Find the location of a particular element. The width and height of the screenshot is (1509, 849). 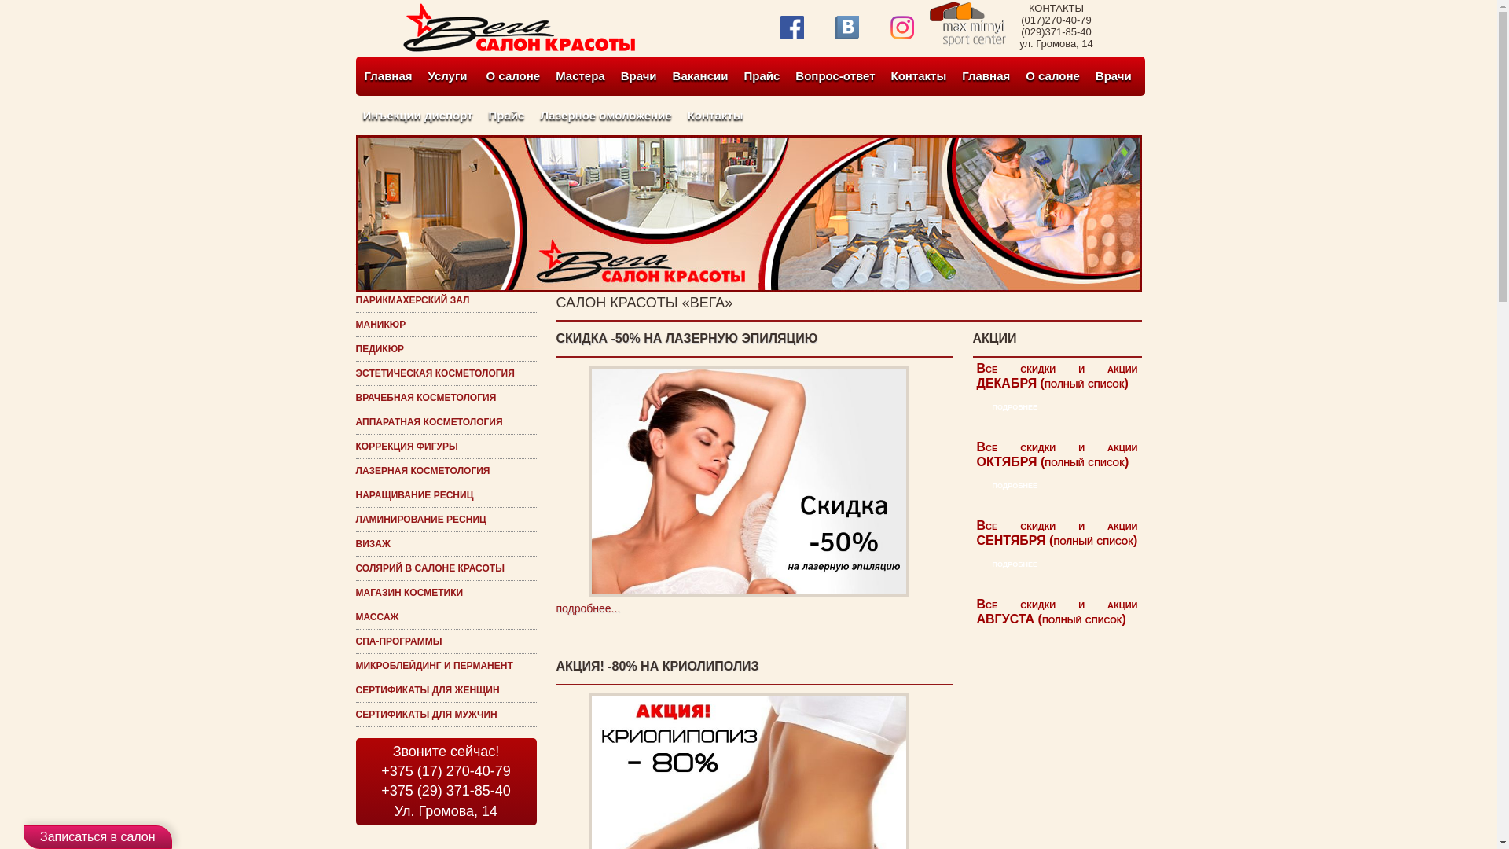

'vegasalon.by' is located at coordinates (518, 47).